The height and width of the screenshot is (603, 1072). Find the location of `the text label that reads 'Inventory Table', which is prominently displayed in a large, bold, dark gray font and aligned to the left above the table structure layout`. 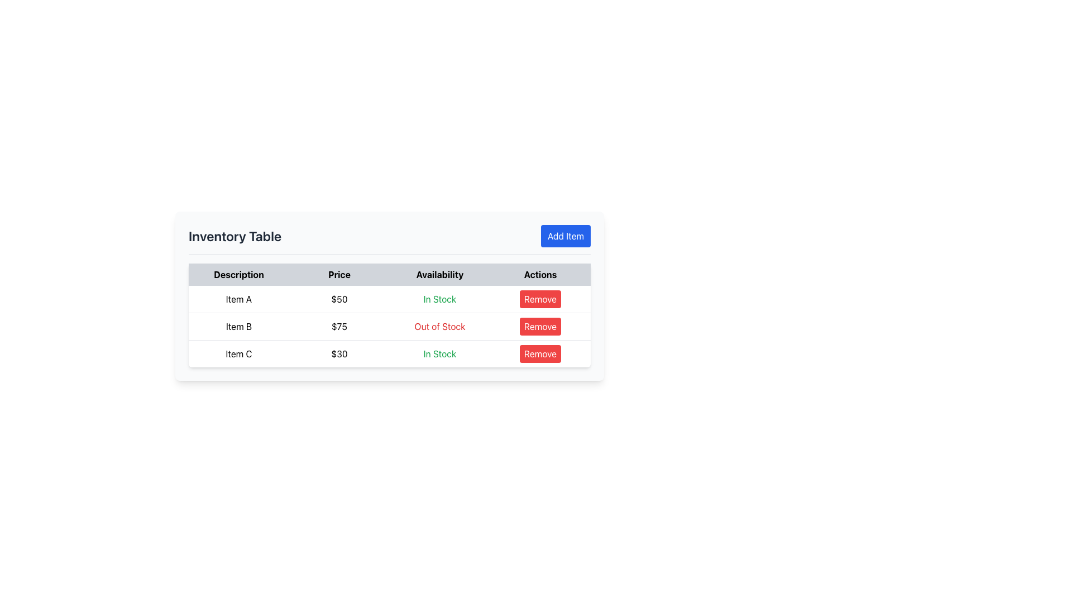

the text label that reads 'Inventory Table', which is prominently displayed in a large, bold, dark gray font and aligned to the left above the table structure layout is located at coordinates (234, 236).